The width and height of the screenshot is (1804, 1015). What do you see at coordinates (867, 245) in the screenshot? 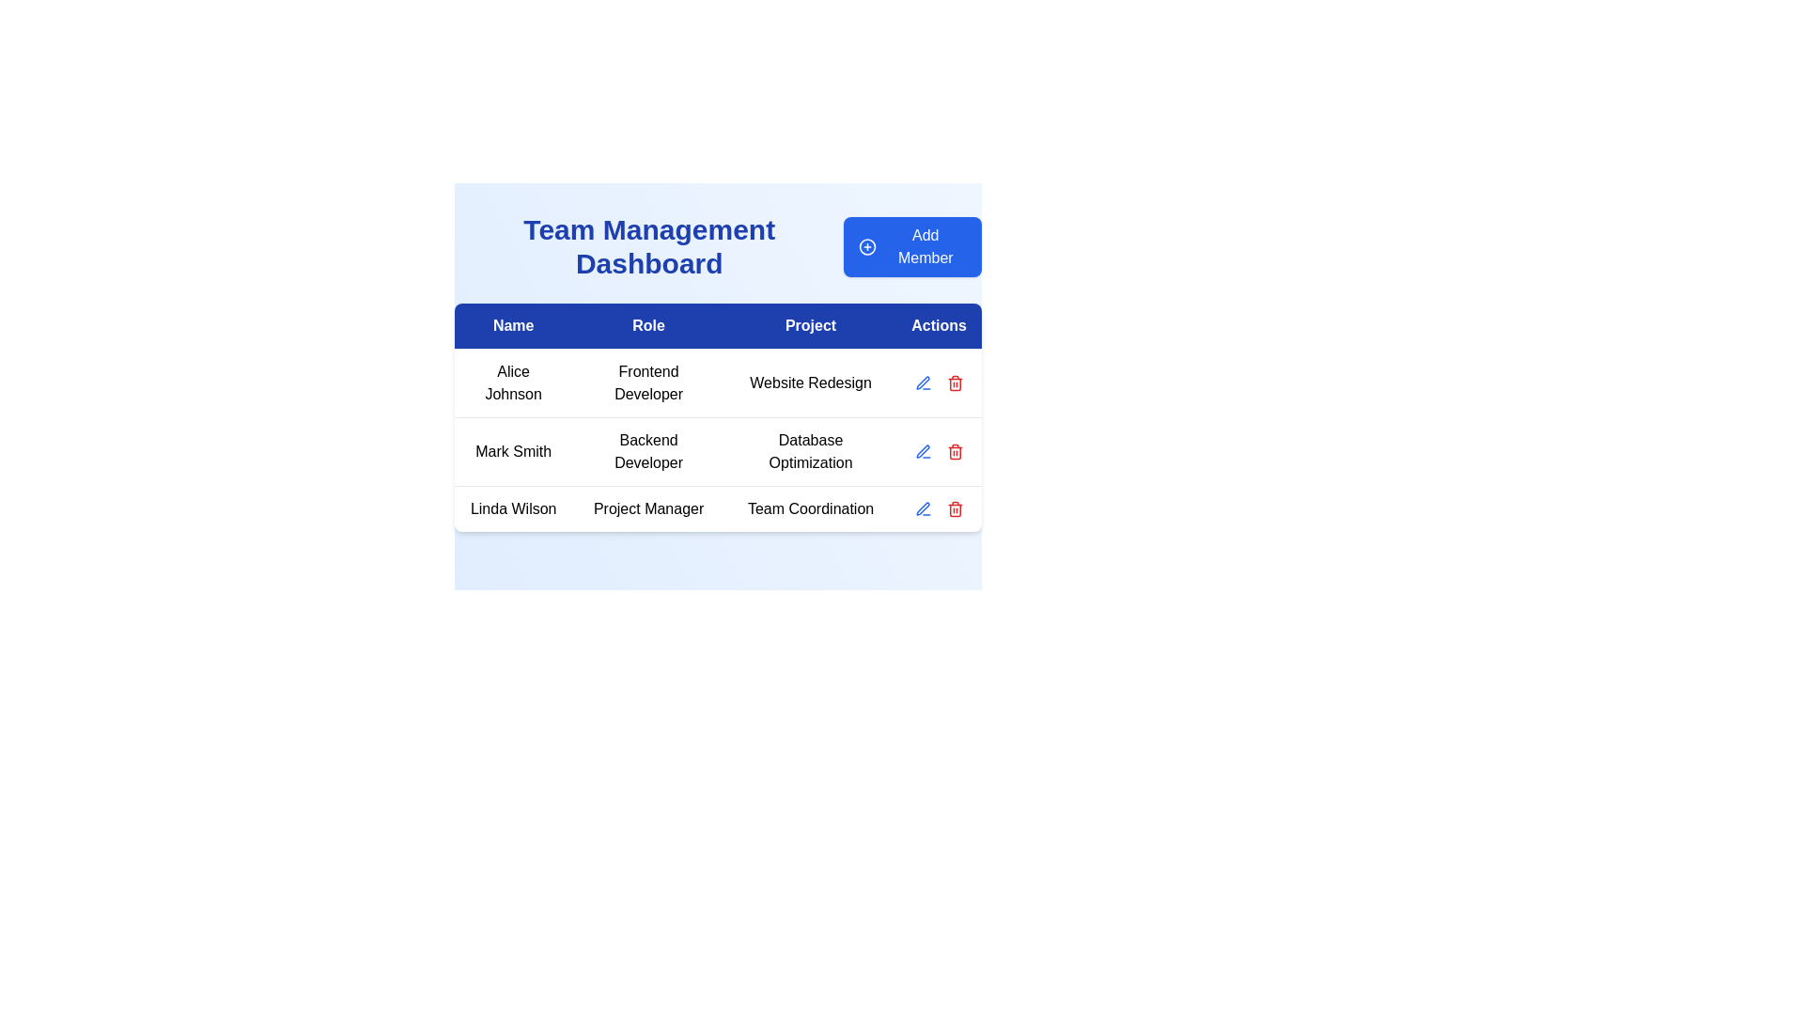
I see `the thin circular outline with a blue border located at the top-right corner near the 'Add Member' button` at bounding box center [867, 245].